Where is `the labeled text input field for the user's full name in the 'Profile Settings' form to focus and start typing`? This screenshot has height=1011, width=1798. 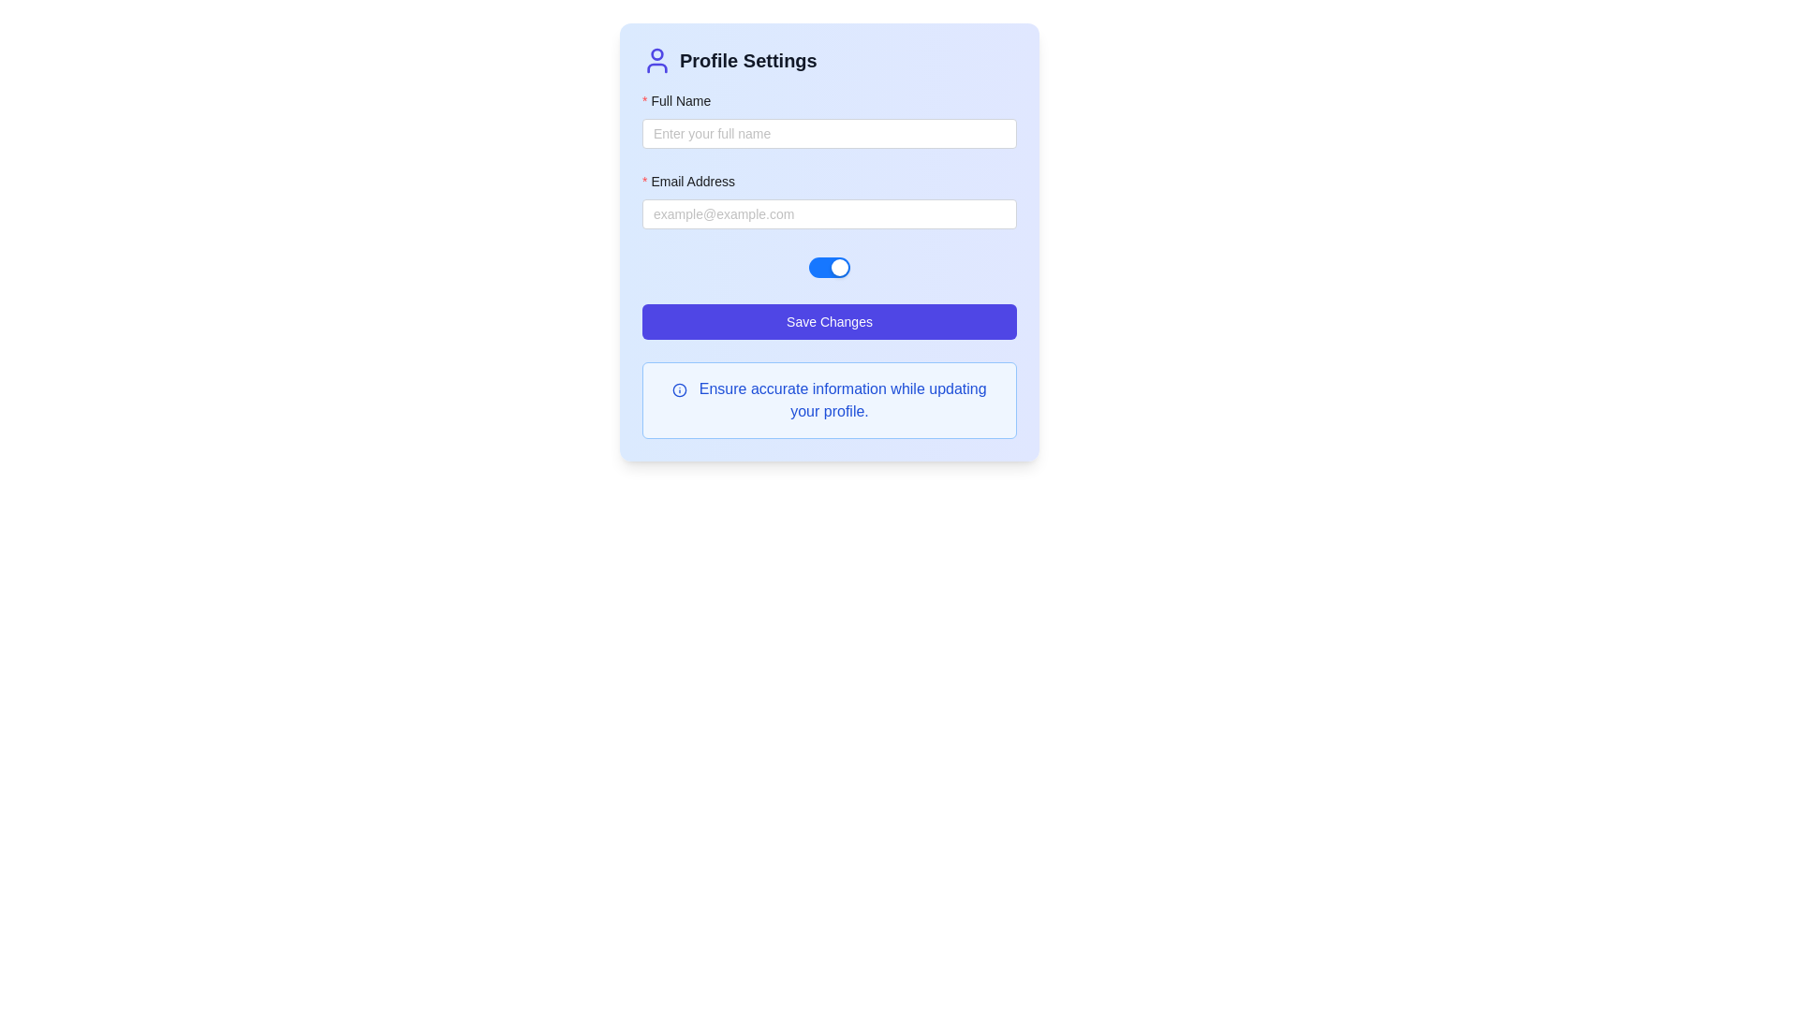
the labeled text input field for the user's full name in the 'Profile Settings' form to focus and start typing is located at coordinates (829, 119).